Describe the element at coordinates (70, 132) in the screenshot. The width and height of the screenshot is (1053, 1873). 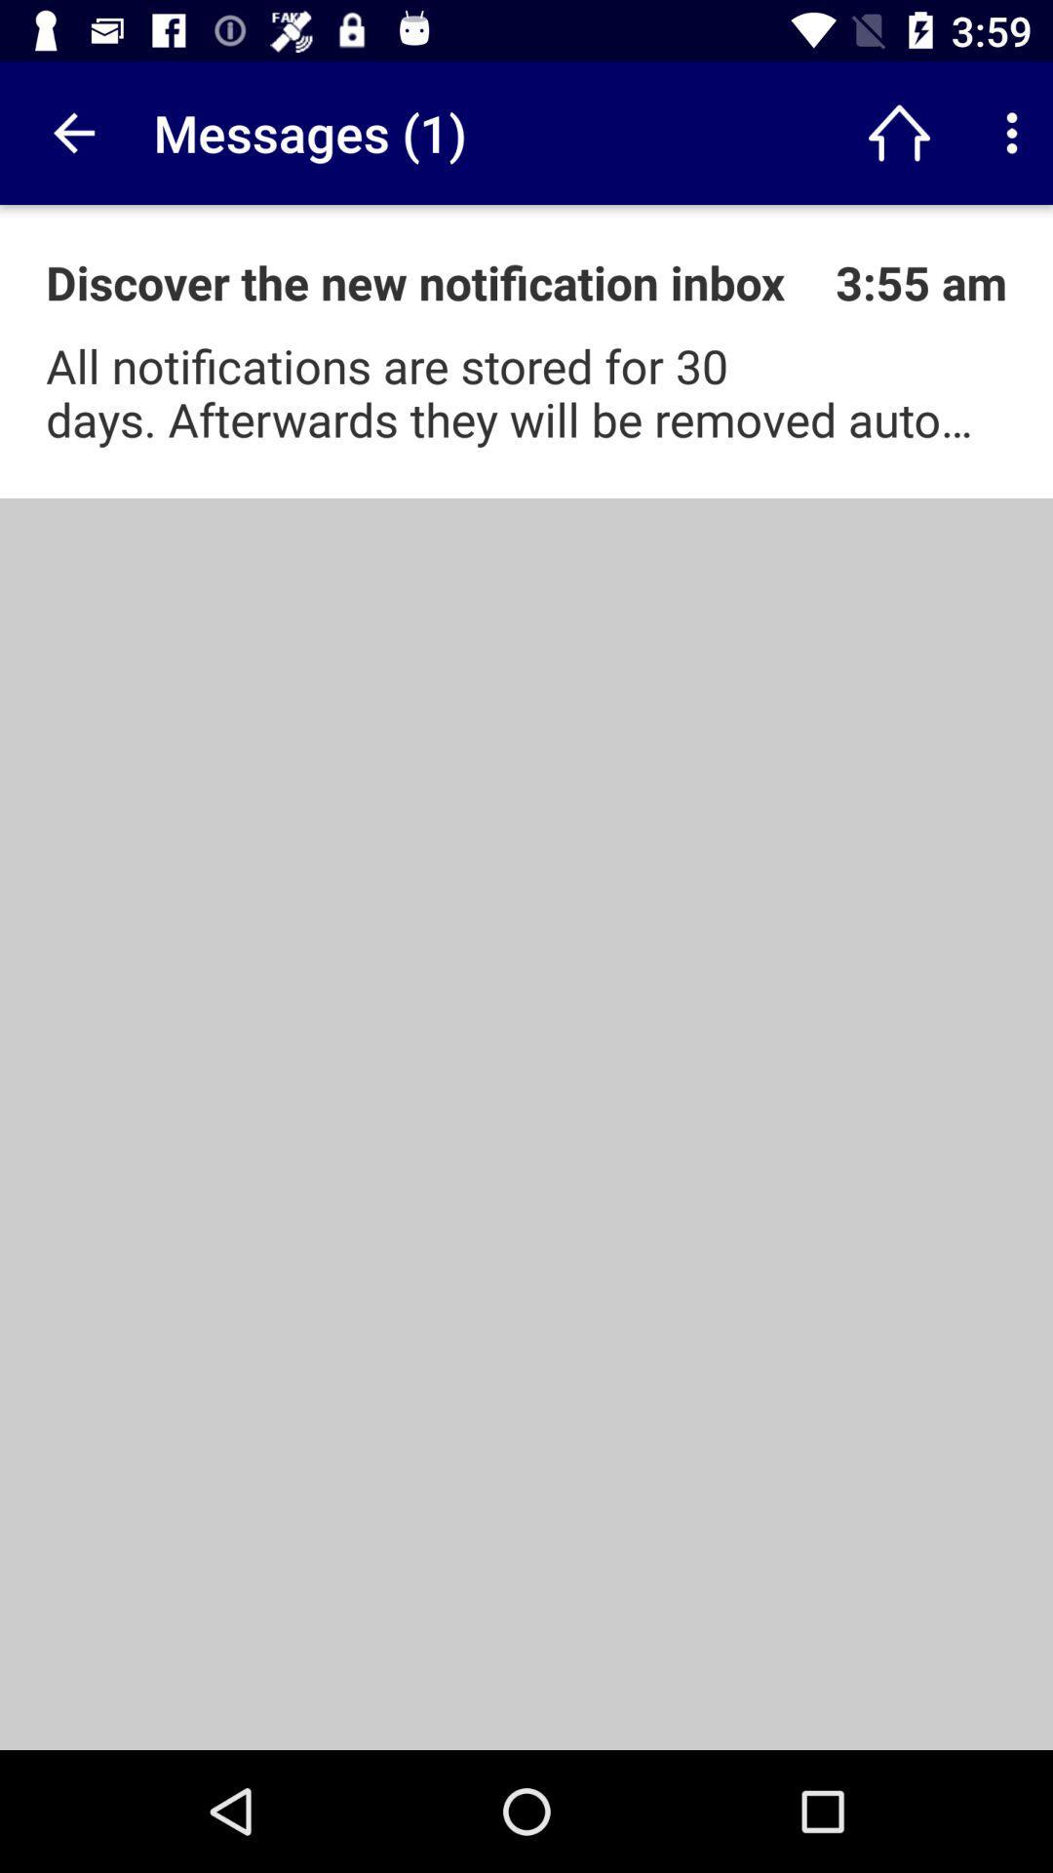
I see `item above the discover the new` at that location.